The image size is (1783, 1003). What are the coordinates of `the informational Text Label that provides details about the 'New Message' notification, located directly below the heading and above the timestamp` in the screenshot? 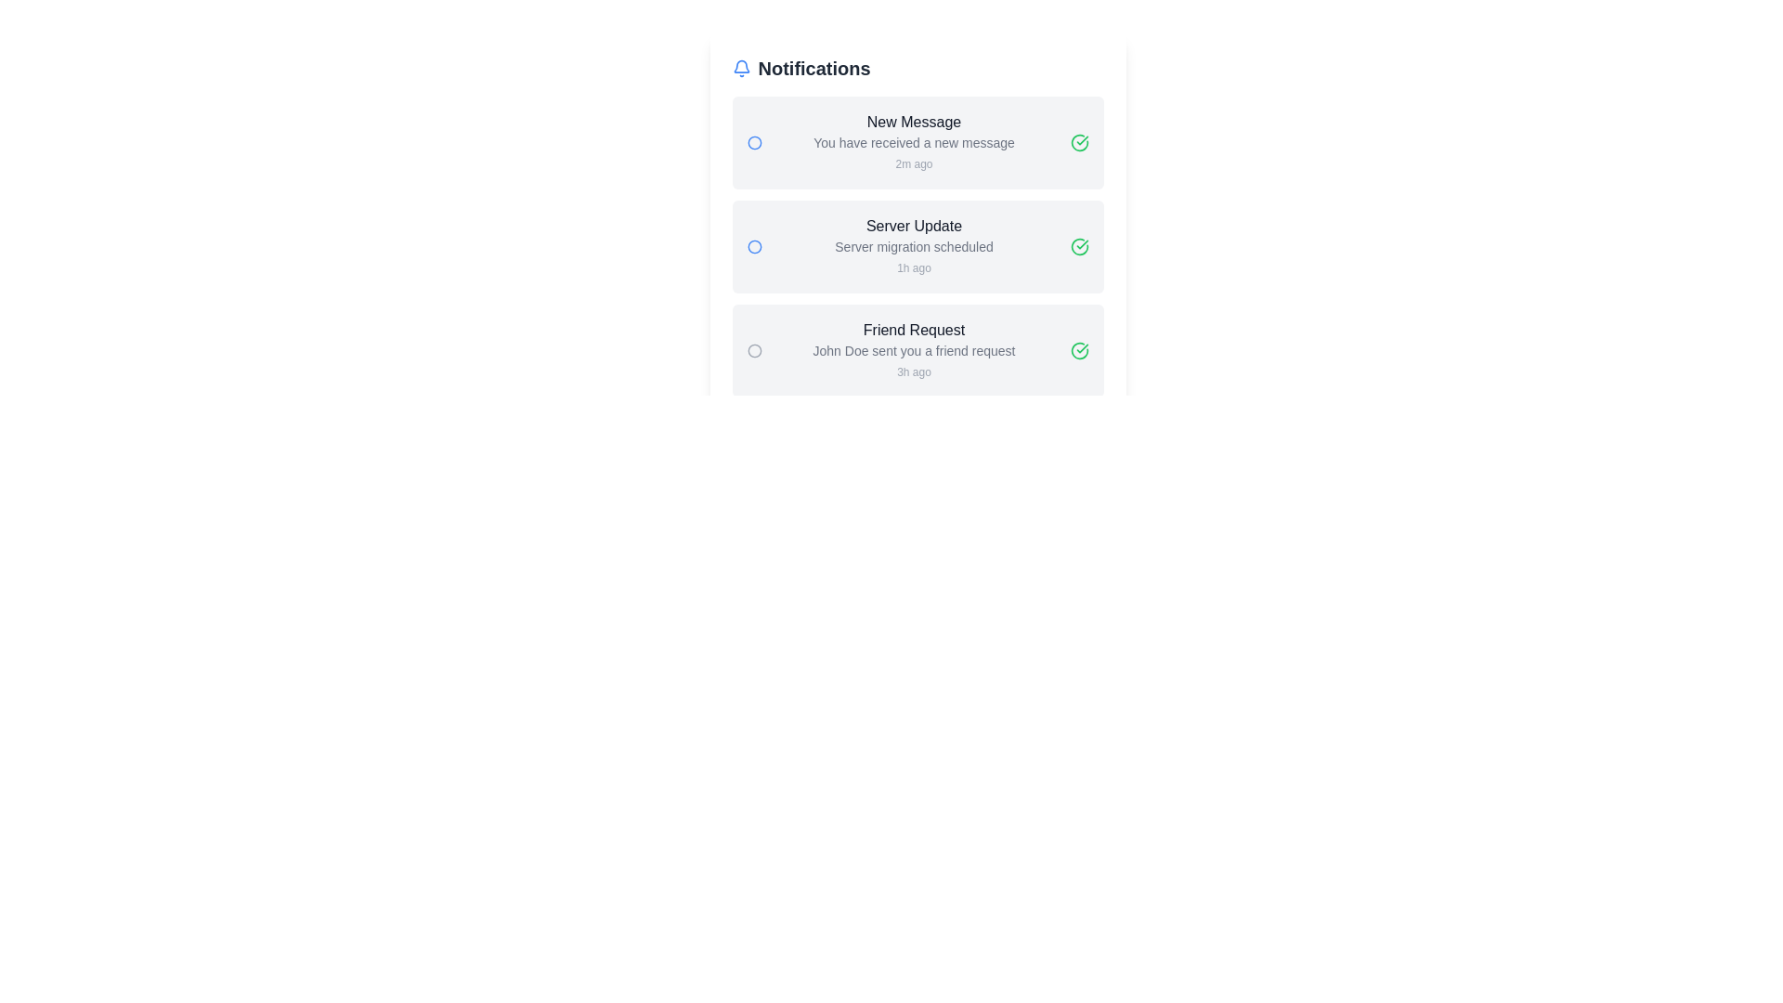 It's located at (914, 142).